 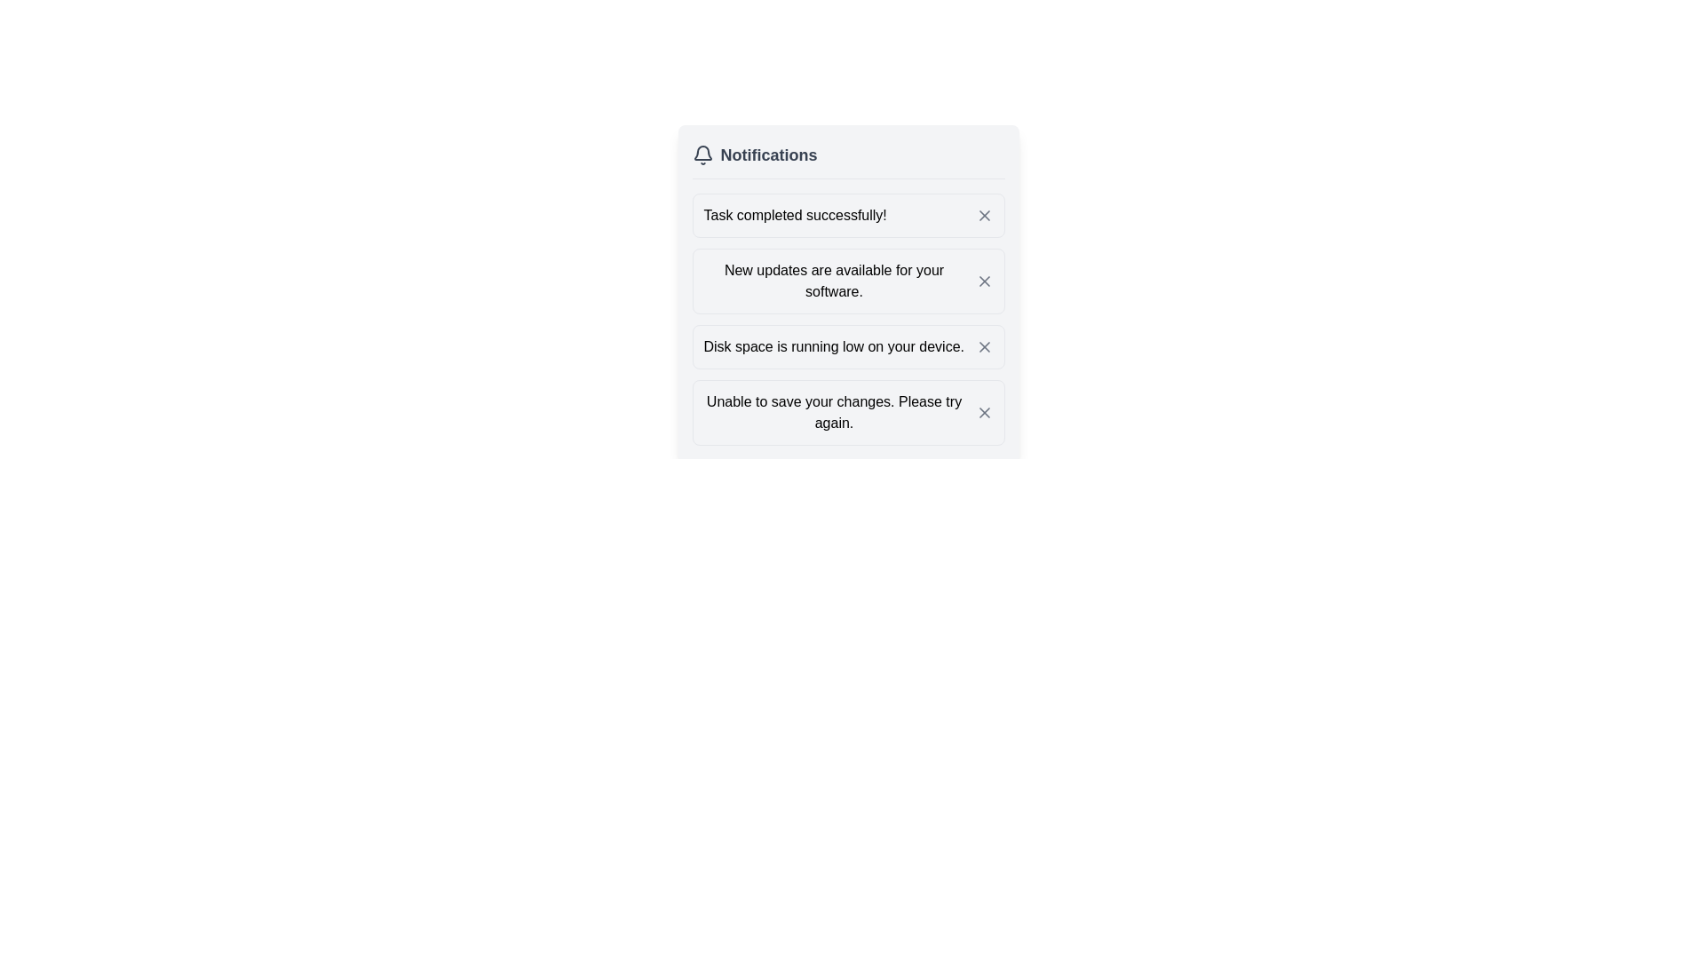 I want to click on the Close button icon, which is located at the far right of the notification panel, aligned with the message 'Task completed successfully!', so click(x=983, y=215).